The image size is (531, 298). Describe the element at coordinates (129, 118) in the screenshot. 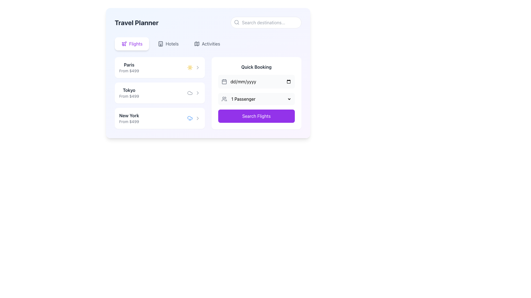

I see `the text block that displays information about the travel destination 'New York' with a starting price of $499` at that location.